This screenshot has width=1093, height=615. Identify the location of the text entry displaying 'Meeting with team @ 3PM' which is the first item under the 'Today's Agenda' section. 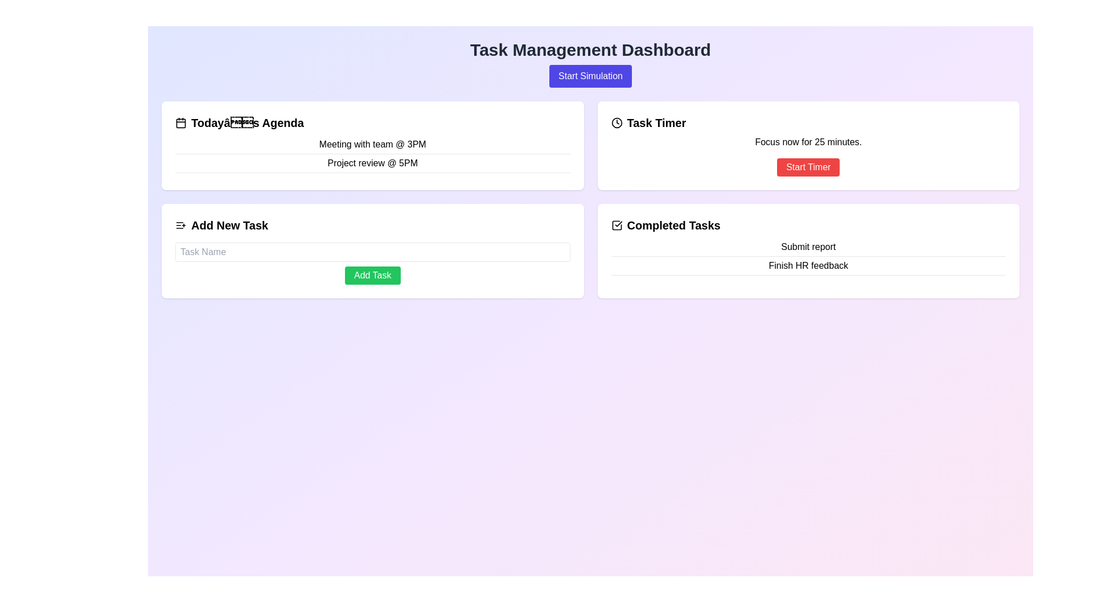
(372, 144).